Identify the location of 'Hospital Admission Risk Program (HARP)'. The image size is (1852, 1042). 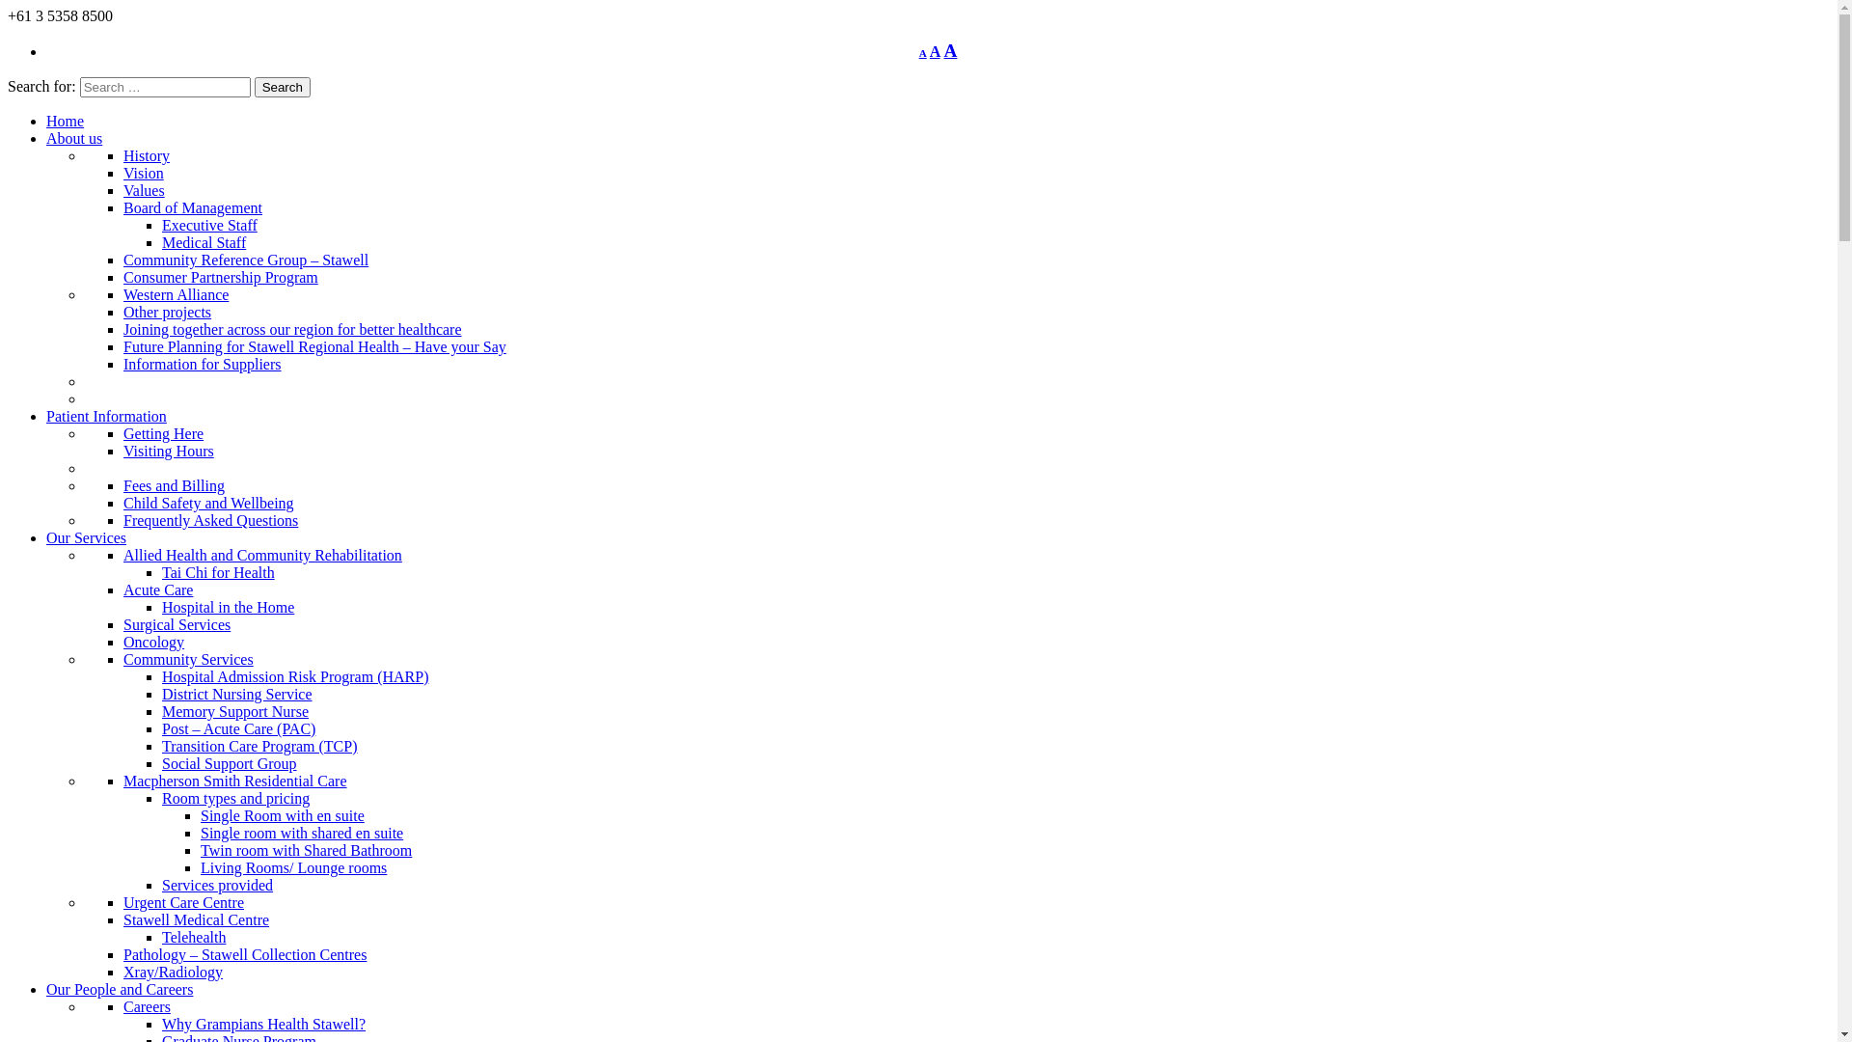
(294, 675).